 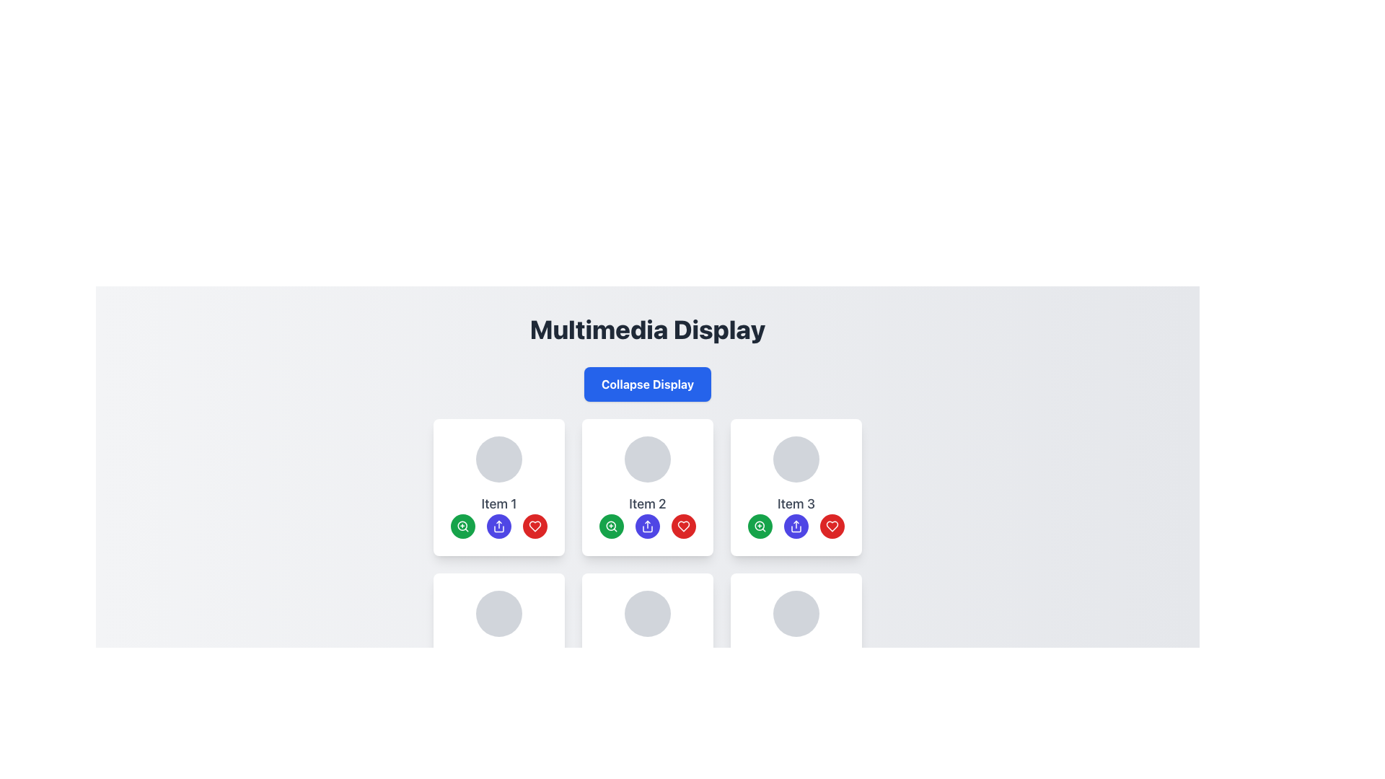 What do you see at coordinates (535, 526) in the screenshot?
I see `the red circular button with a white heart icon located at the bottom-right corner of the Item 1 card` at bounding box center [535, 526].